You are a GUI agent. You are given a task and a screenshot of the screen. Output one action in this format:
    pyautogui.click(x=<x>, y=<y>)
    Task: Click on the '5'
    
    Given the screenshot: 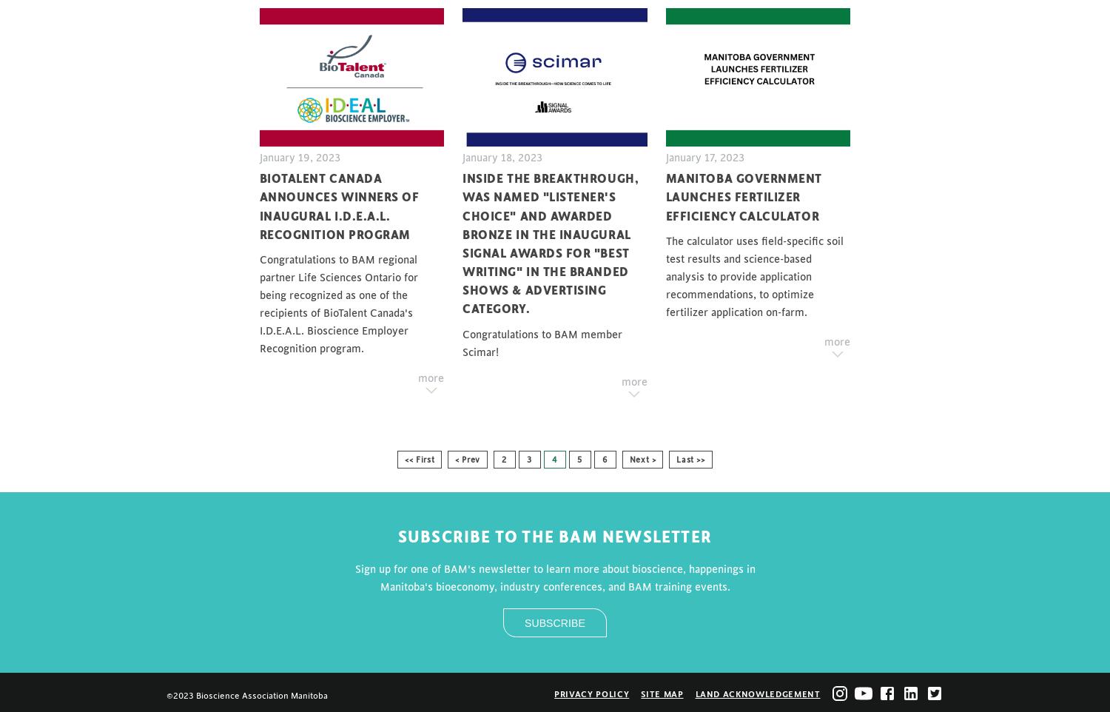 What is the action you would take?
    pyautogui.click(x=579, y=458)
    